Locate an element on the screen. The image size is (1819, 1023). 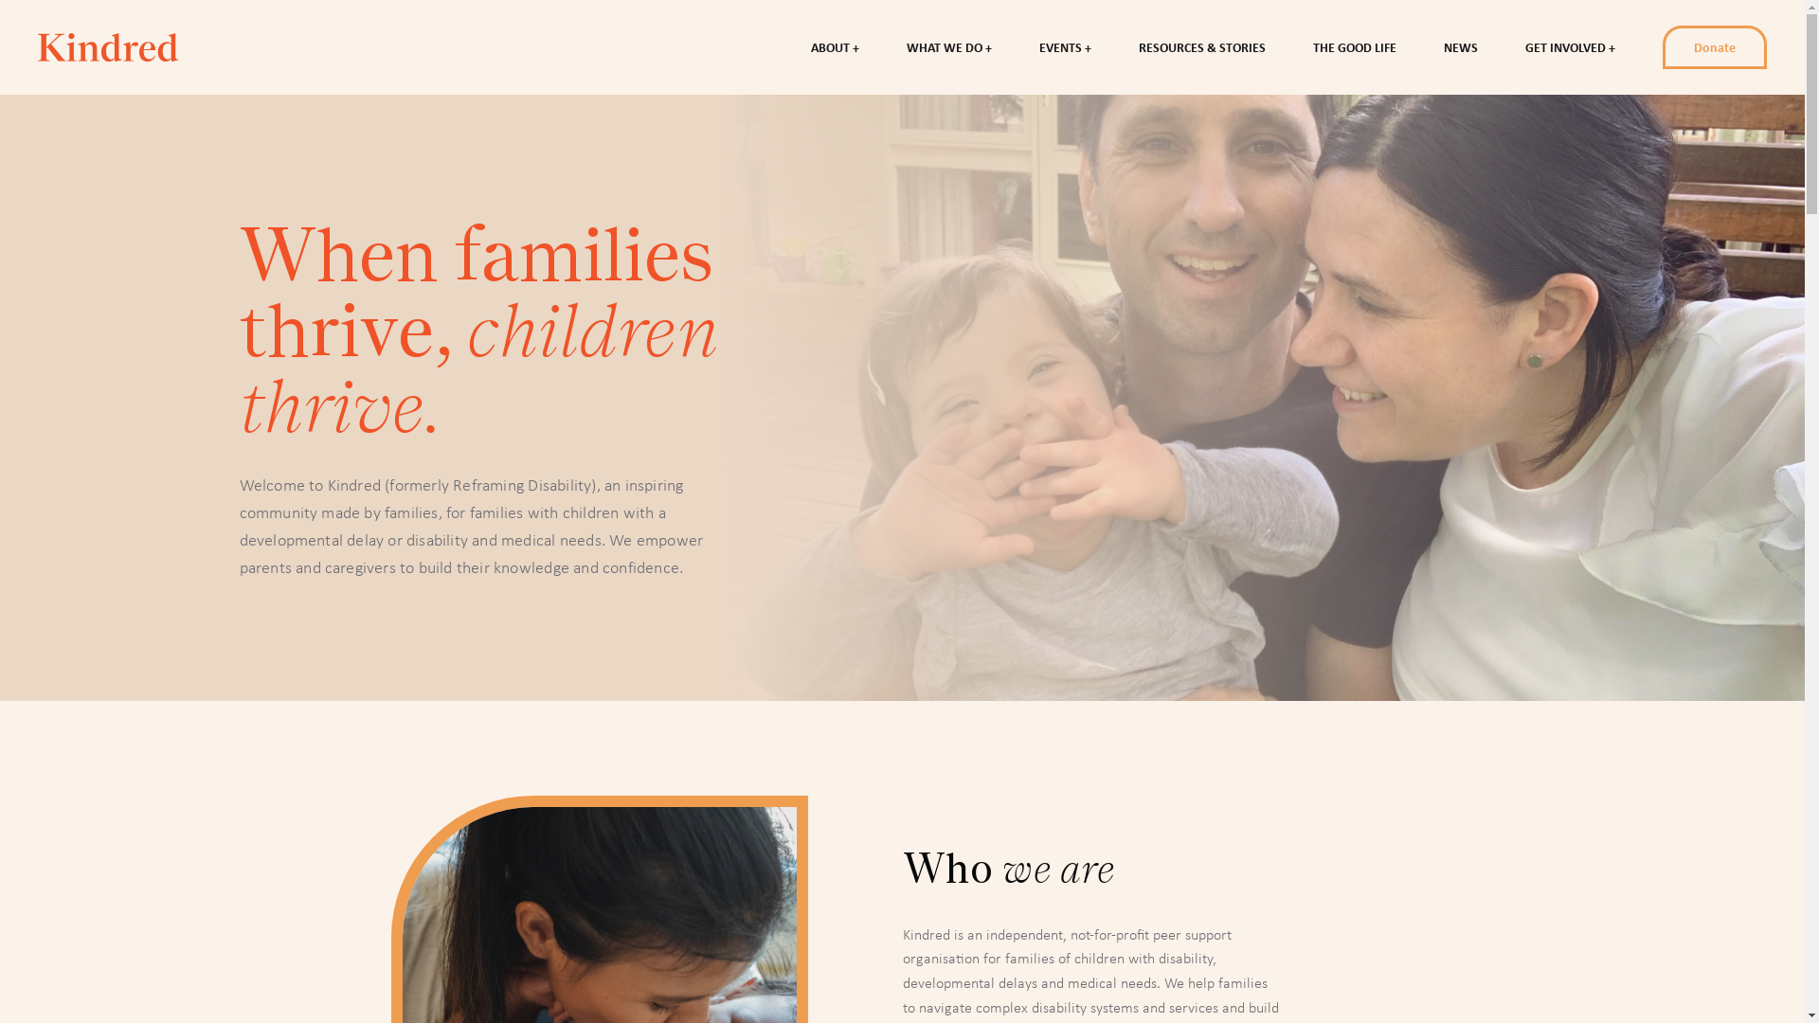
'NEWS' is located at coordinates (1459, 46).